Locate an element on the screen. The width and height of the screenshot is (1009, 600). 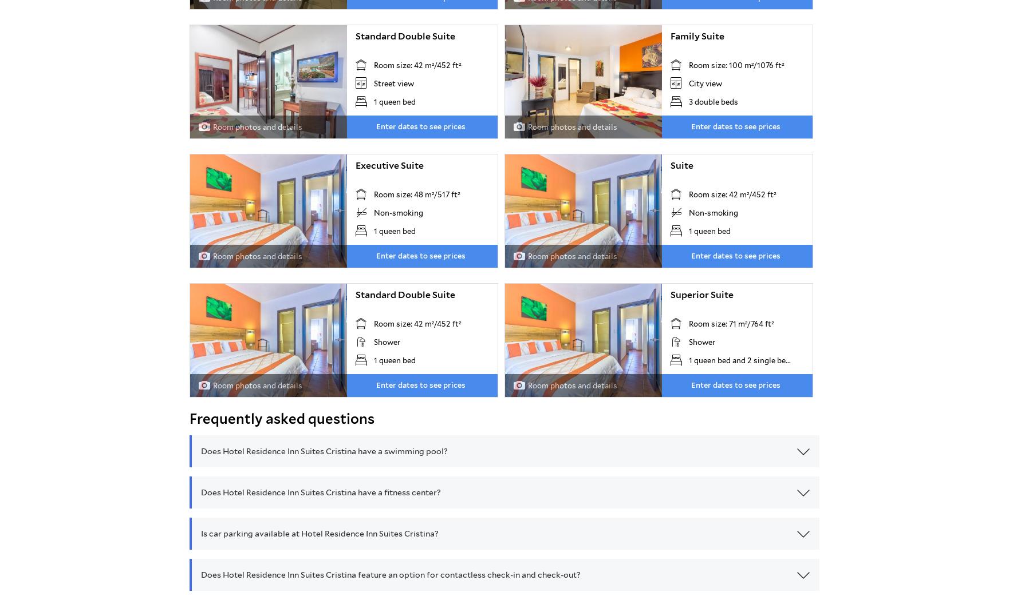
'Suite' is located at coordinates (681, 165).